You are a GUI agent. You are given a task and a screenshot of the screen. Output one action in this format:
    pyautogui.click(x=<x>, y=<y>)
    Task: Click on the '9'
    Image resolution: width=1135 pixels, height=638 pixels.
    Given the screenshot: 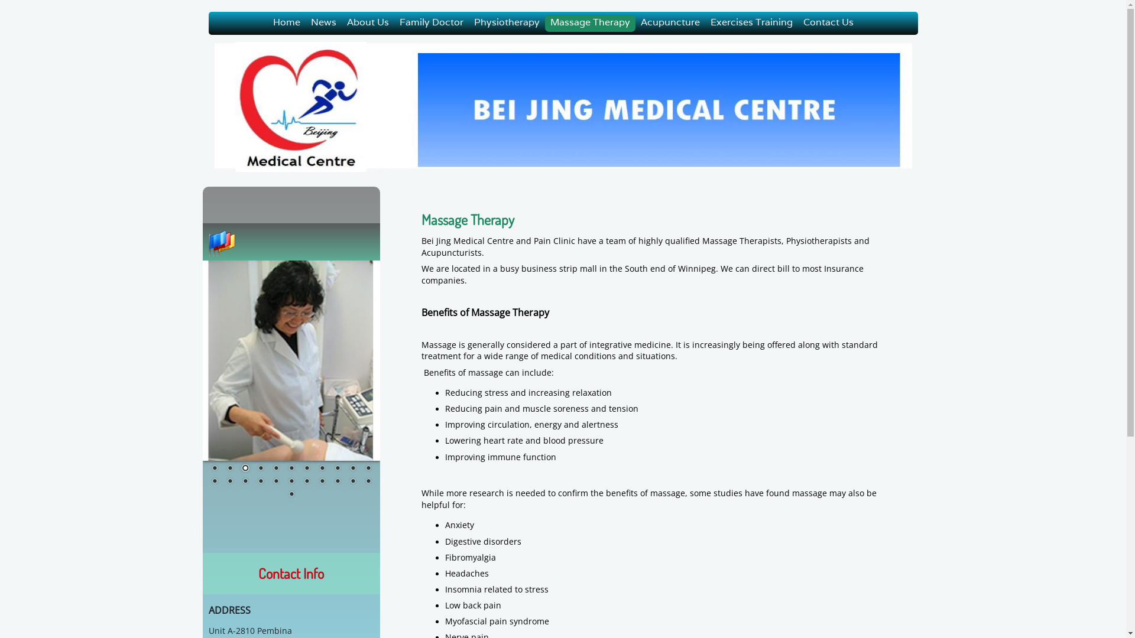 What is the action you would take?
    pyautogui.click(x=337, y=468)
    